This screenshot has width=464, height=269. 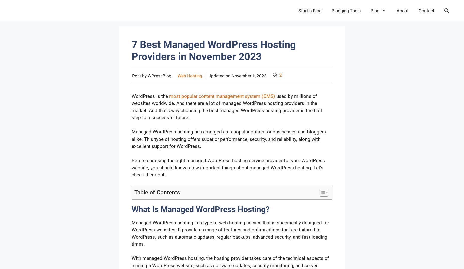 What do you see at coordinates (426, 10) in the screenshot?
I see `'Contact'` at bounding box center [426, 10].